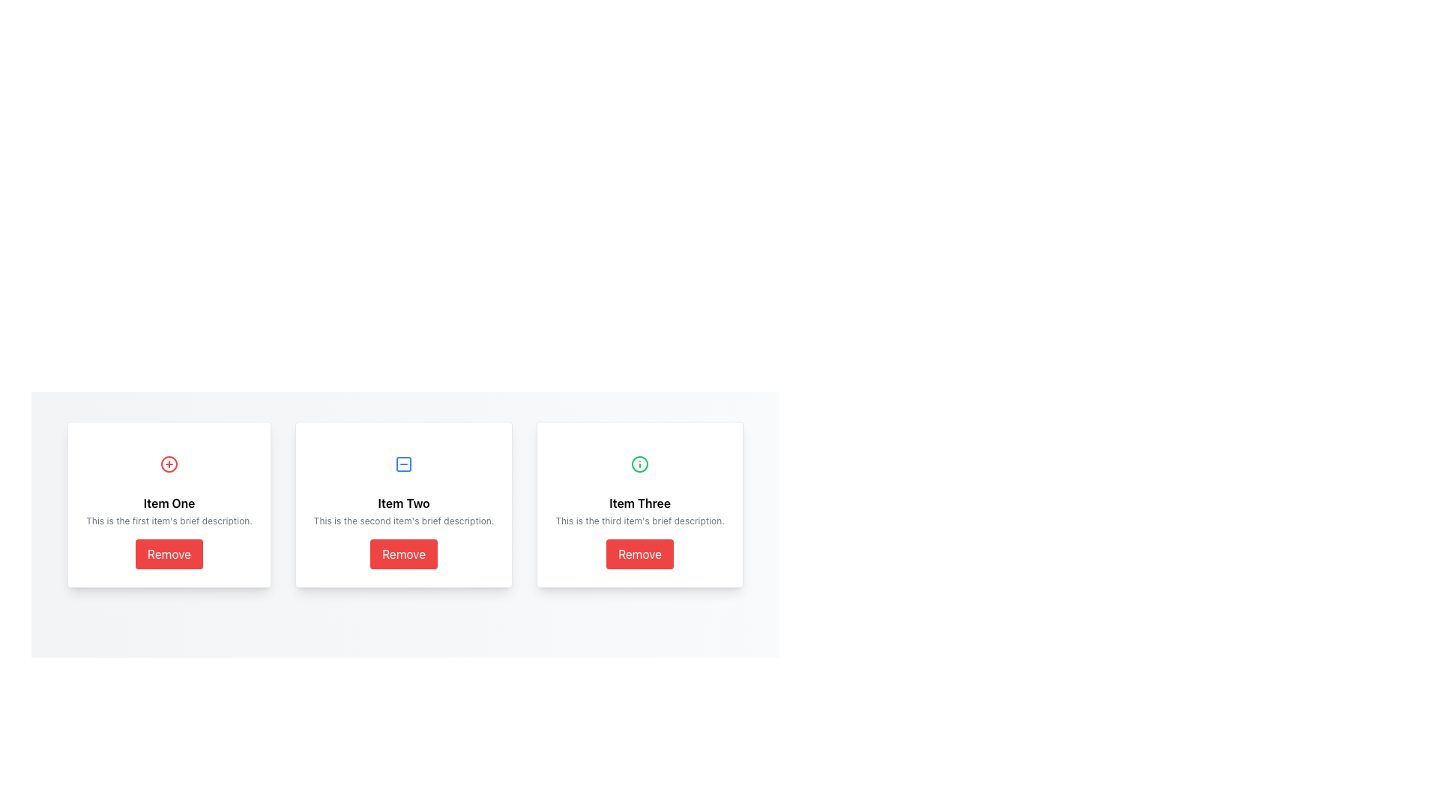 The height and width of the screenshot is (809, 1439). I want to click on the label displaying 'Item Three', which is bold and styled as a header within its card, so click(640, 503).